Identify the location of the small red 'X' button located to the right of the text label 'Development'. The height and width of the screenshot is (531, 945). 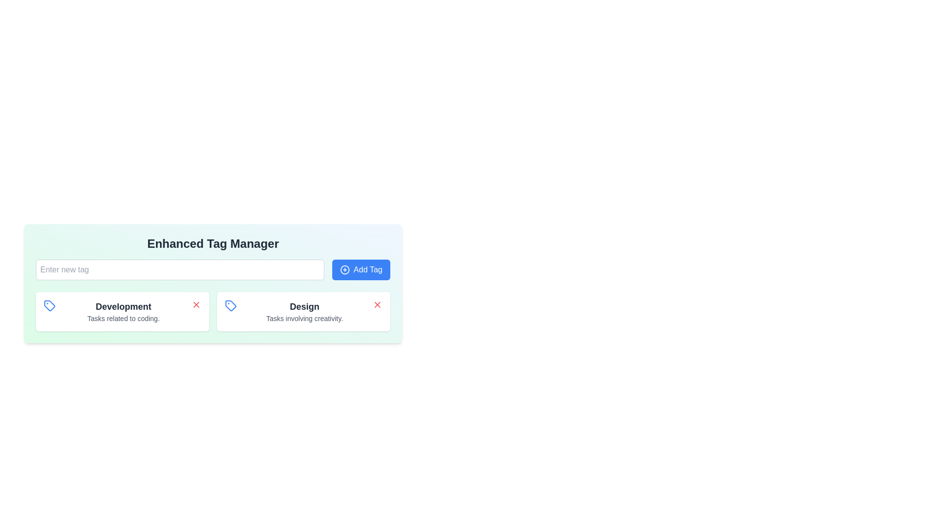
(196, 304).